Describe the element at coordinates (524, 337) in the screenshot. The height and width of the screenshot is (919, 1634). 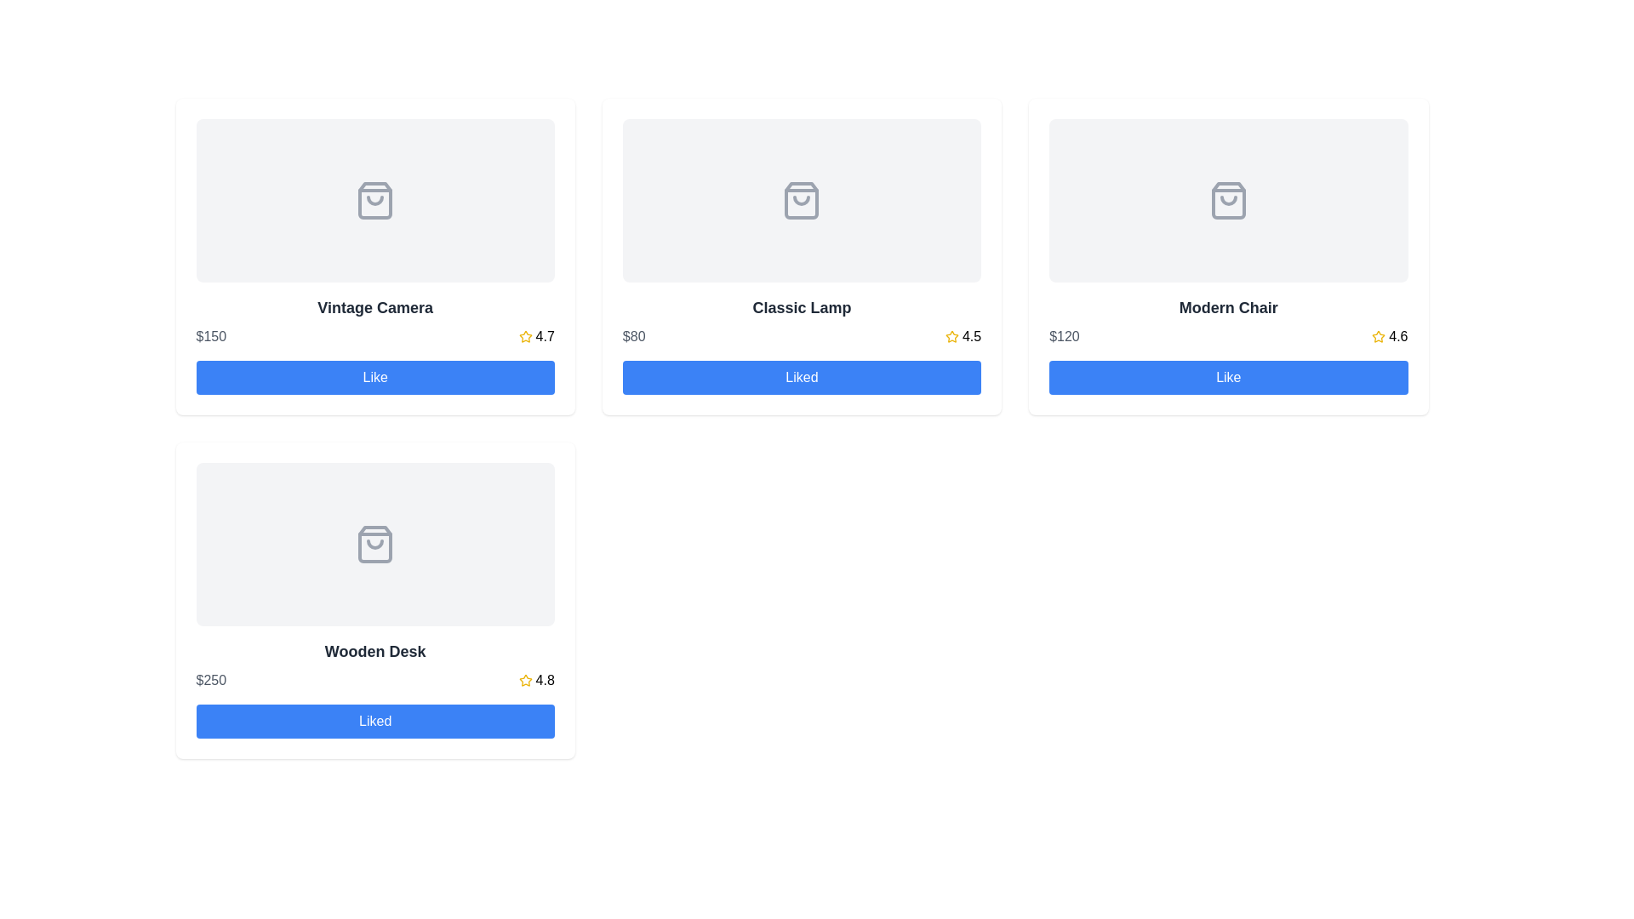
I see `the yellow star-shaped rating icon next to the text '4.7' to interact with the rating system` at that location.